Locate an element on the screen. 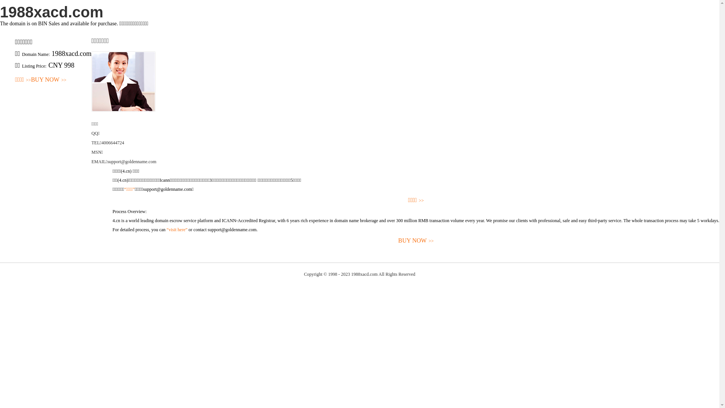 The height and width of the screenshot is (408, 725). 'BUY NOW>>' is located at coordinates (415, 241).